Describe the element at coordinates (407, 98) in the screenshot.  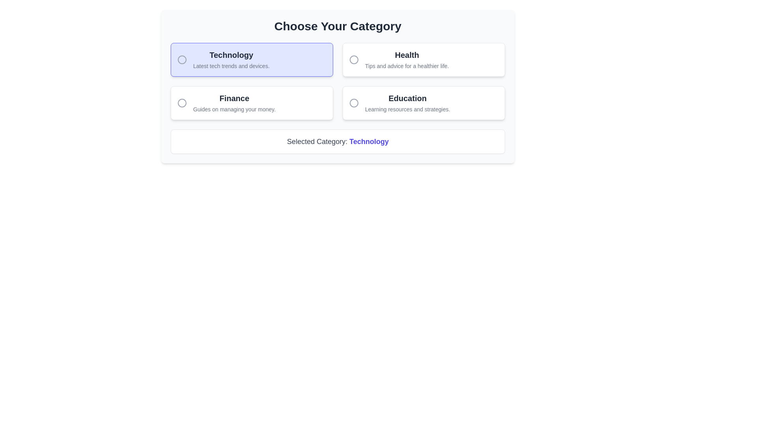
I see `the 'Education' text label, which is styled in a large, bold font and dark gray color, positioned at the top of a section in the bottom-right quadrant of a four-option layout` at that location.